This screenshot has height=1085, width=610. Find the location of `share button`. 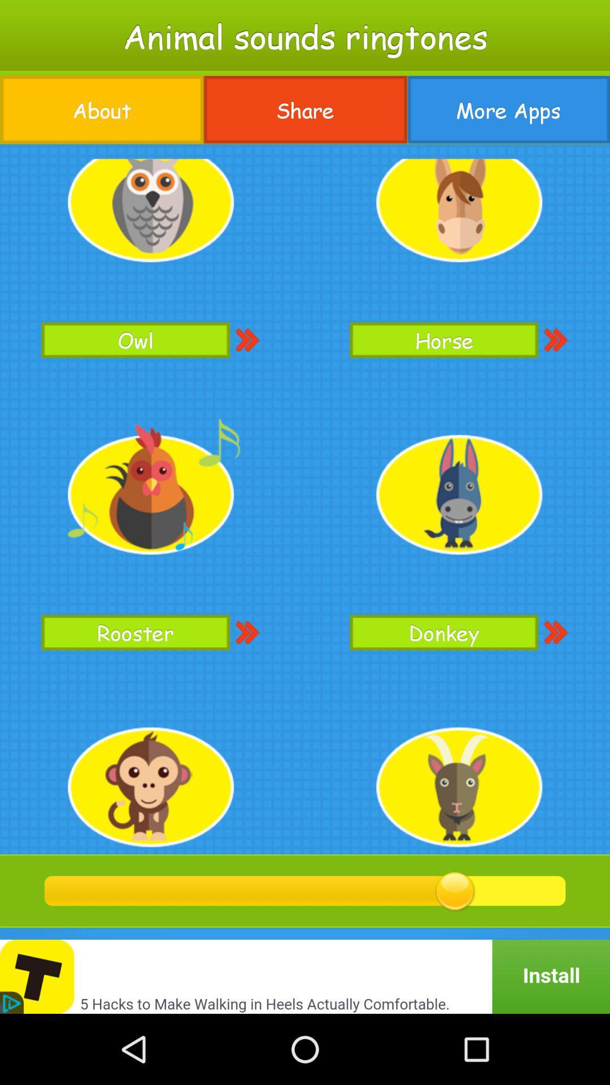

share button is located at coordinates (305, 110).